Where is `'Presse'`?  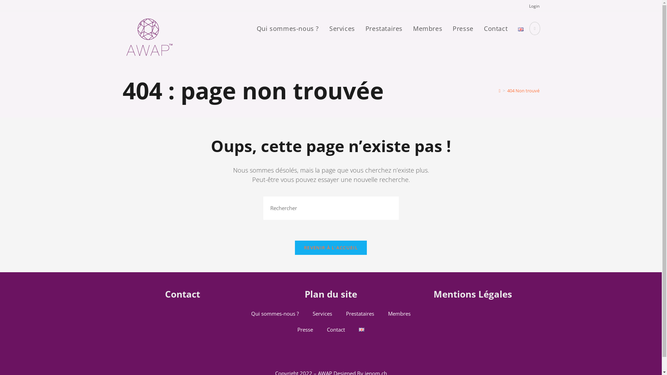
'Presse' is located at coordinates (305, 329).